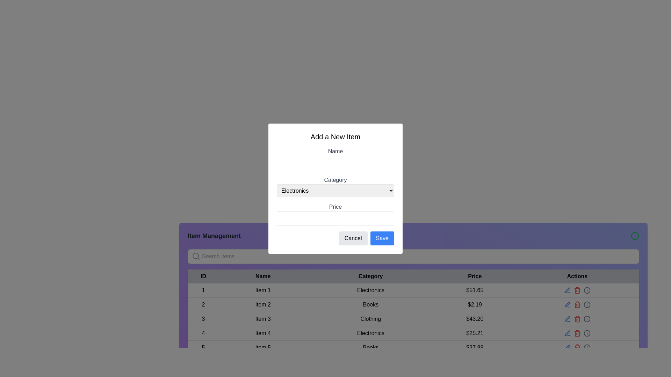 The image size is (671, 377). I want to click on the decorative horizontal divider located at the bottom of the interface, which is centered beneath the table with action items and categories, so click(577, 362).